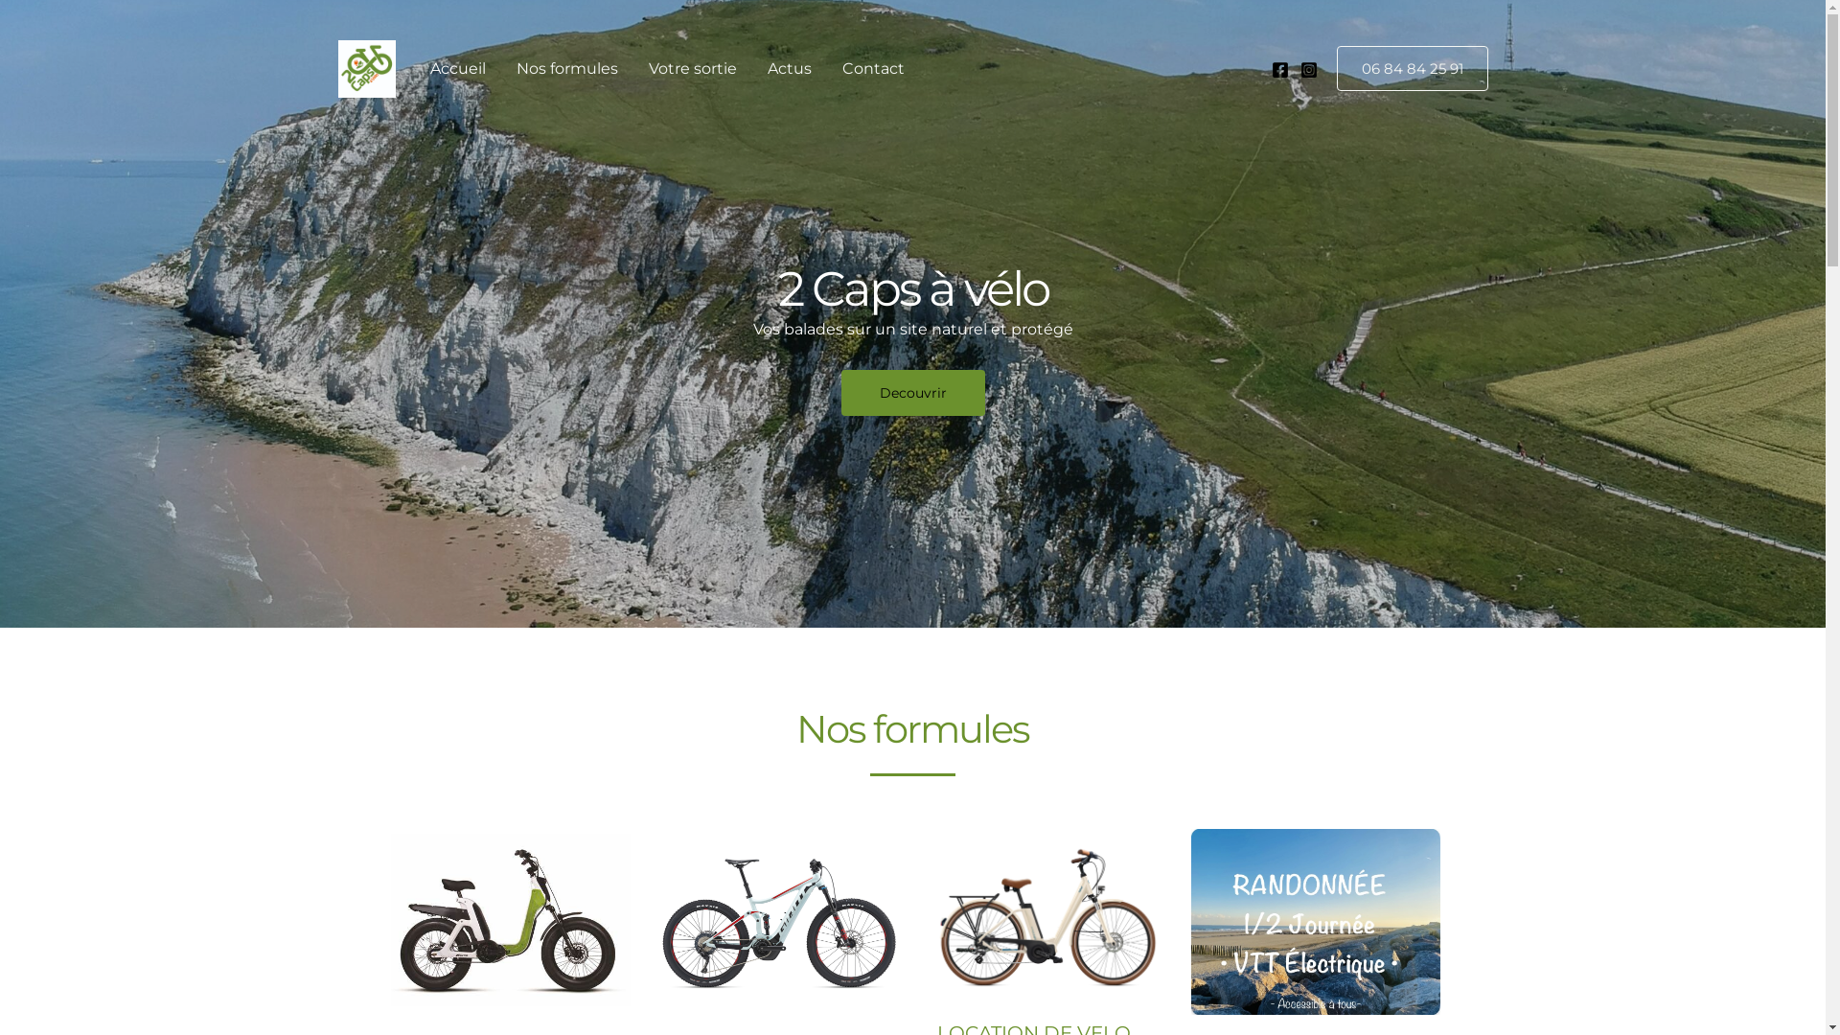 This screenshot has width=1840, height=1035. I want to click on 'Actus', so click(788, 67).